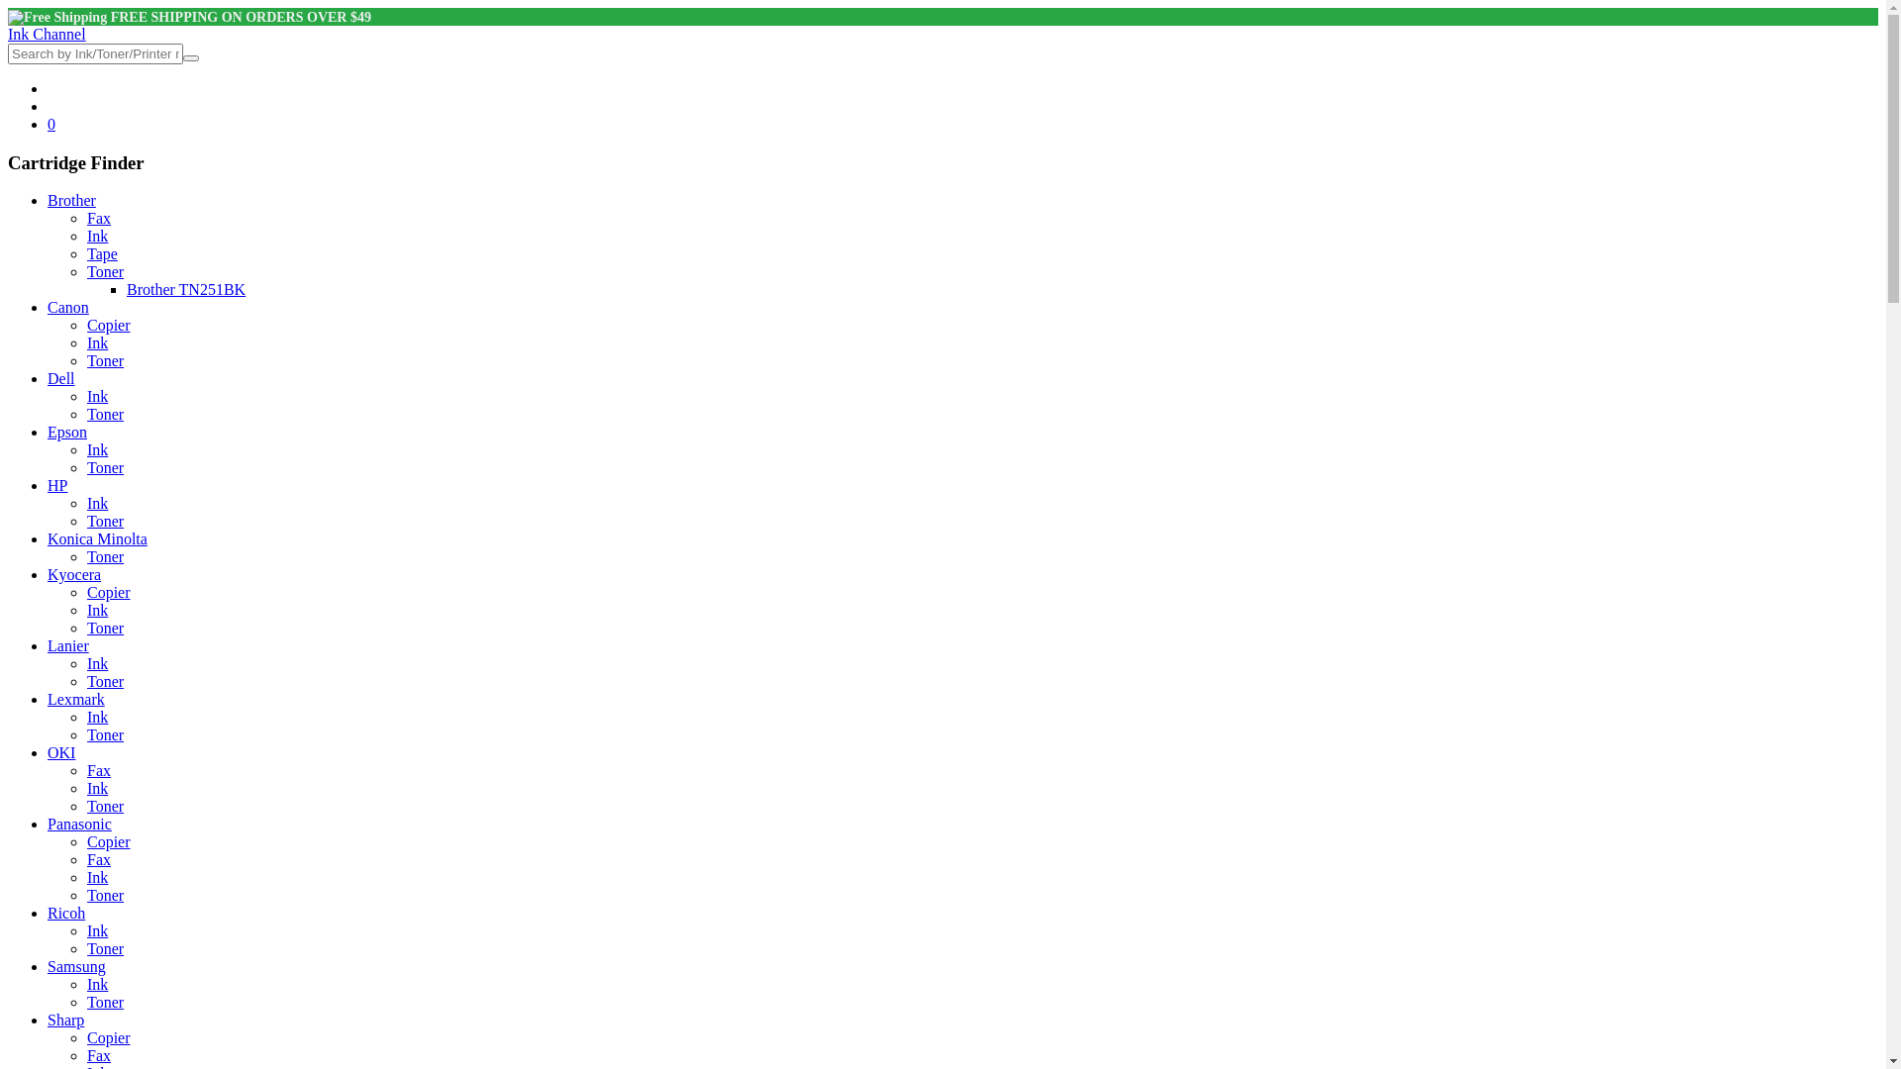 Image resolution: width=1901 pixels, height=1069 pixels. What do you see at coordinates (66, 431) in the screenshot?
I see `'Epson'` at bounding box center [66, 431].